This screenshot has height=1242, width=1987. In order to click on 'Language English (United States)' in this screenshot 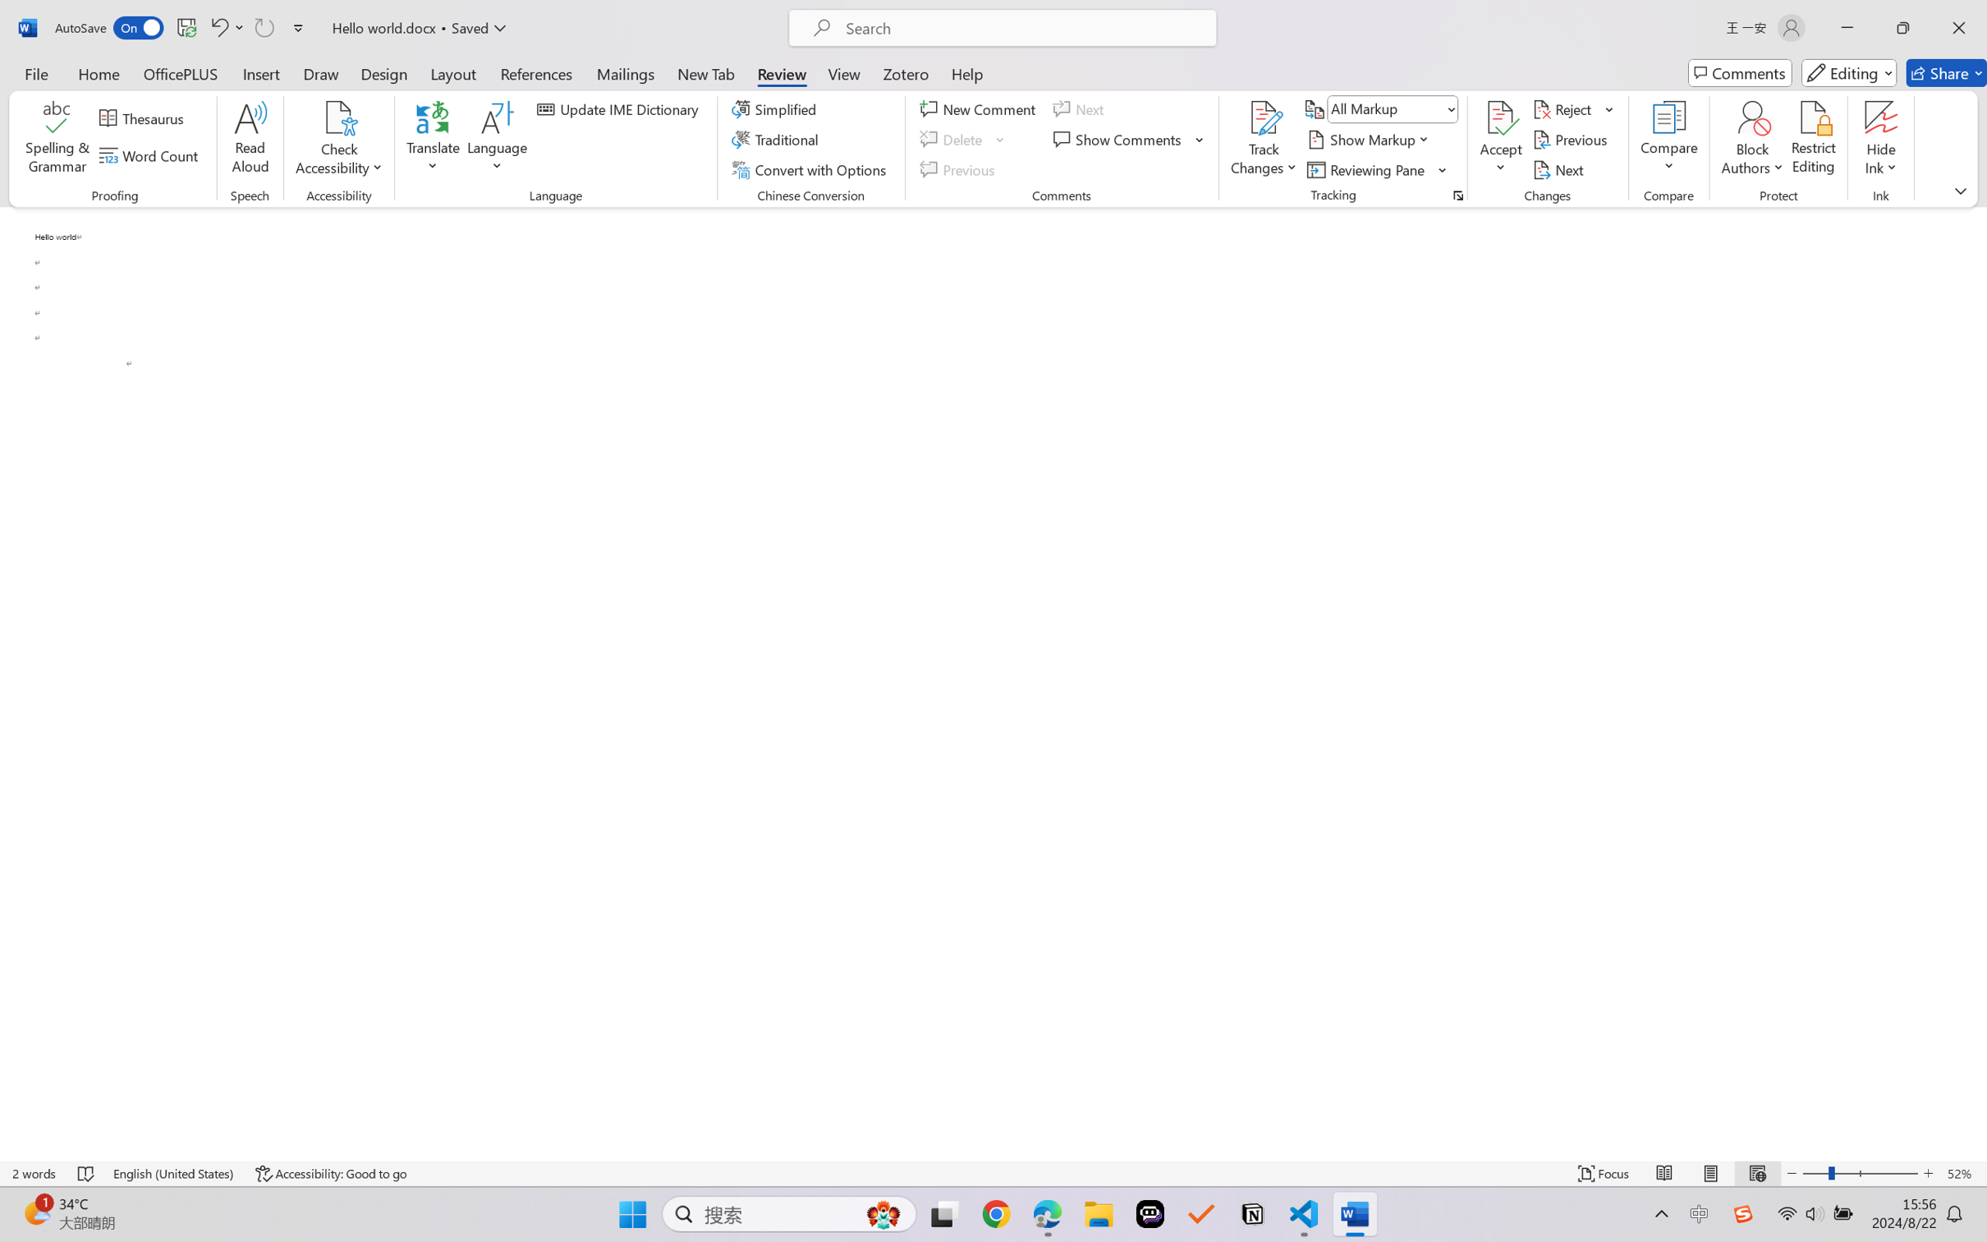, I will do `click(174, 1173)`.